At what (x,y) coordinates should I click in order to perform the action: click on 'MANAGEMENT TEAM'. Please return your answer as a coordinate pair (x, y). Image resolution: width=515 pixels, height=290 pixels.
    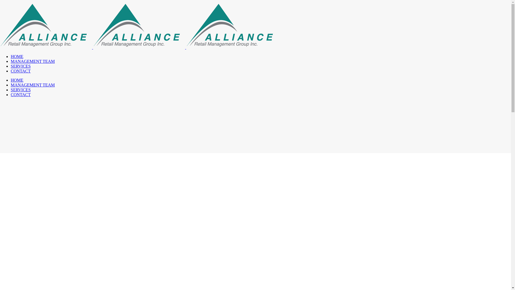
    Looking at the image, I should click on (32, 61).